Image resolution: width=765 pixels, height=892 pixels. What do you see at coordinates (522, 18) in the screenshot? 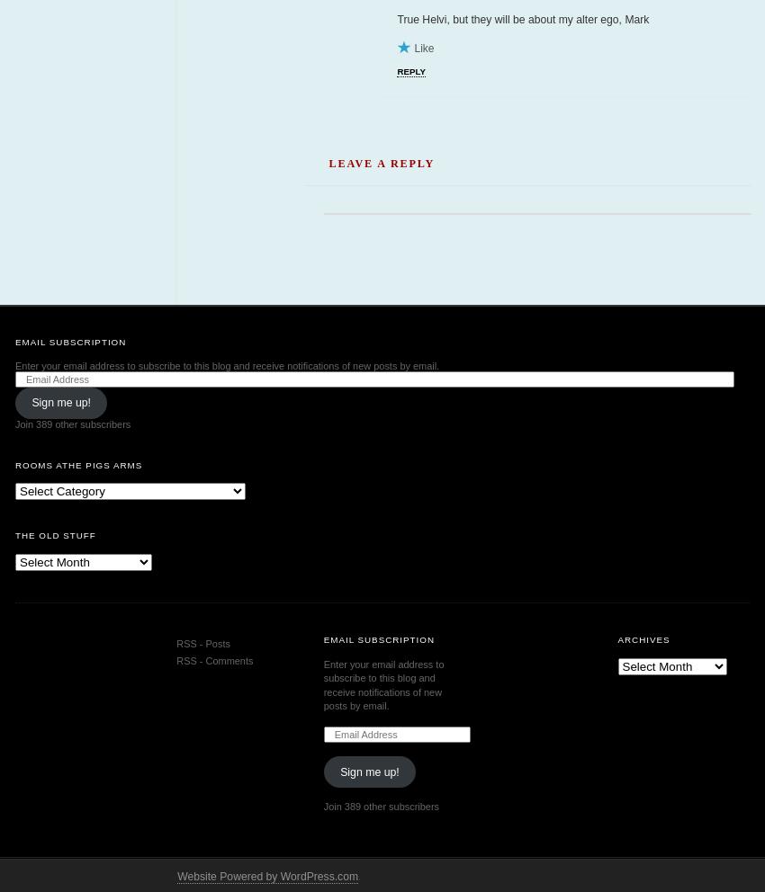
I see `'True Helvi, but they will be about my alter ego, Mark'` at bounding box center [522, 18].